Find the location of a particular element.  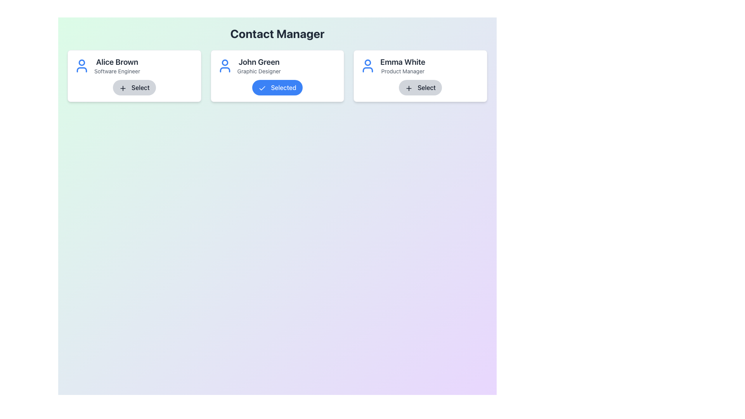

the '+' icon with an outlined style, class 'lucide-plus', positioned to the left of the 'Select' label in the button for the profile of 'Emma White' to interact with the button is located at coordinates (409, 88).